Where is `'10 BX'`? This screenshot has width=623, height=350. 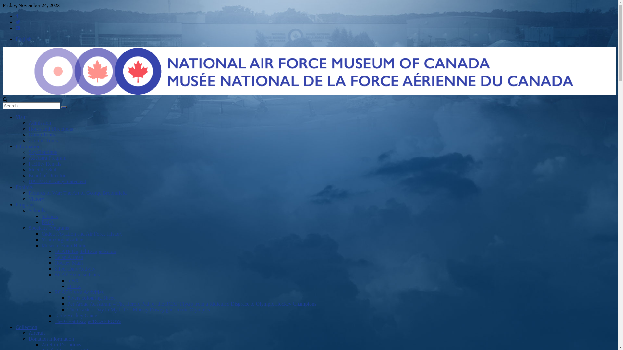
'10 BX' is located at coordinates (74, 286).